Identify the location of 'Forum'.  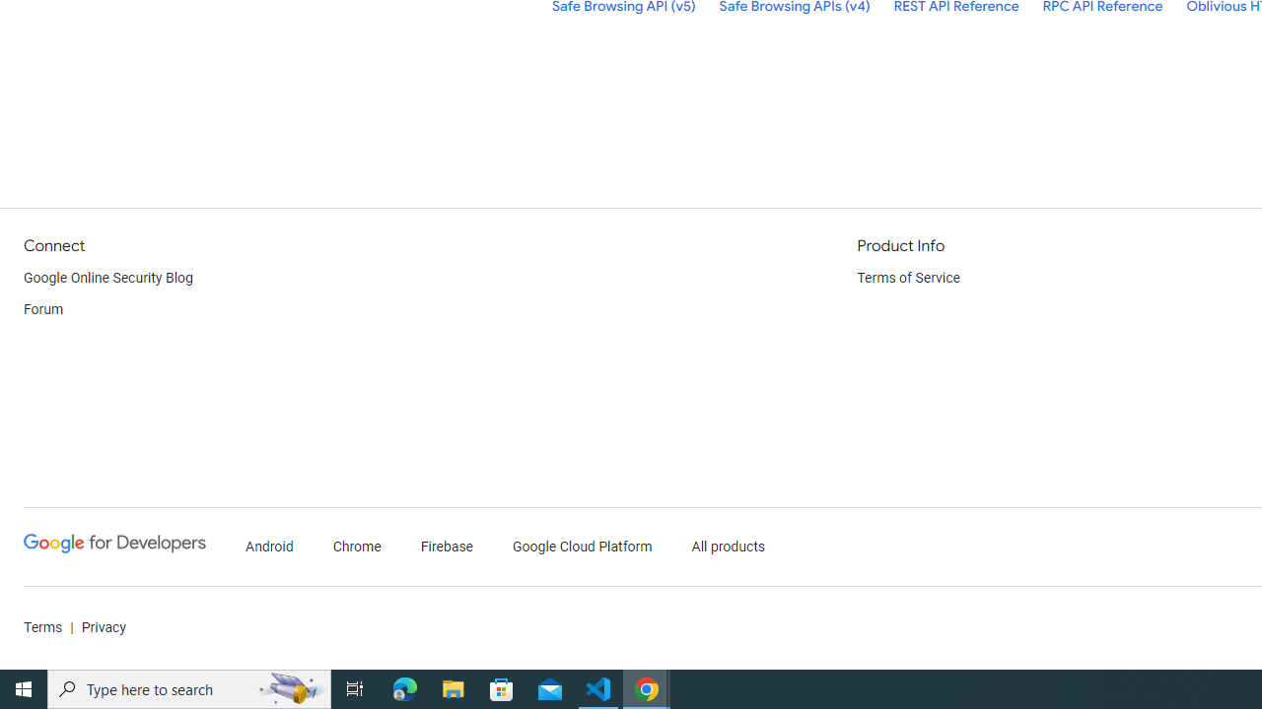
(43, 310).